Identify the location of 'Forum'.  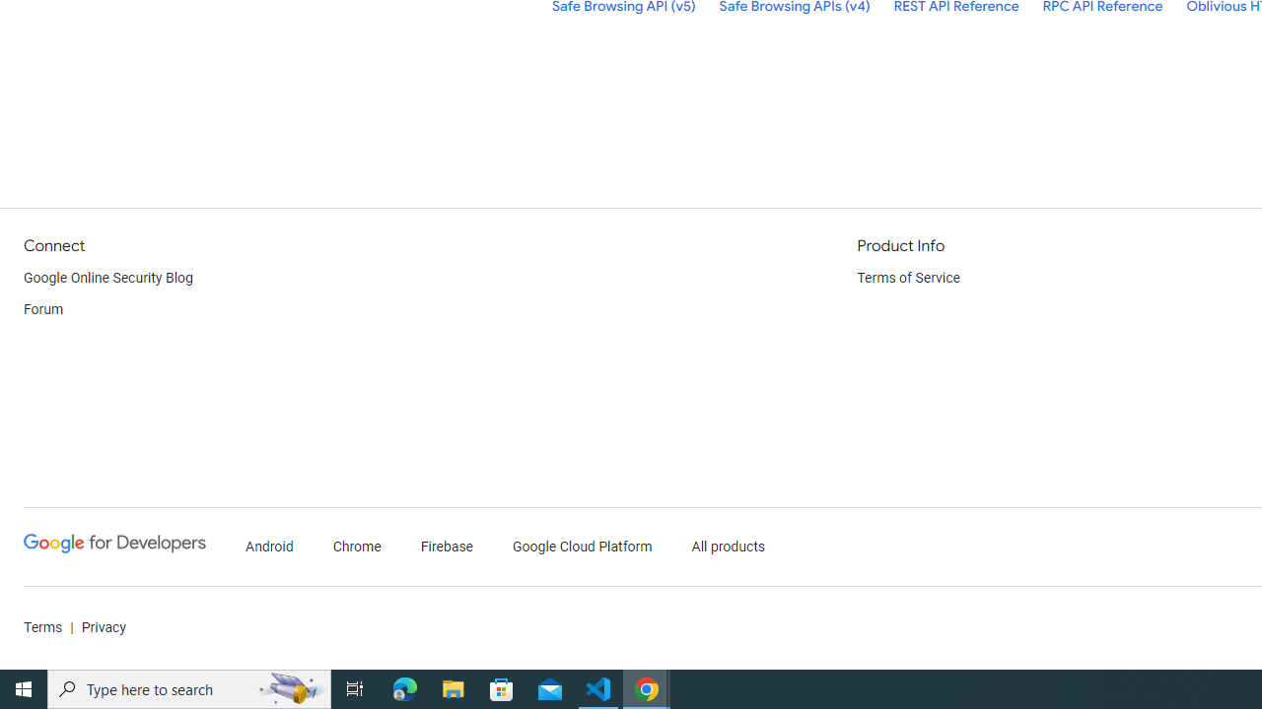
(43, 310).